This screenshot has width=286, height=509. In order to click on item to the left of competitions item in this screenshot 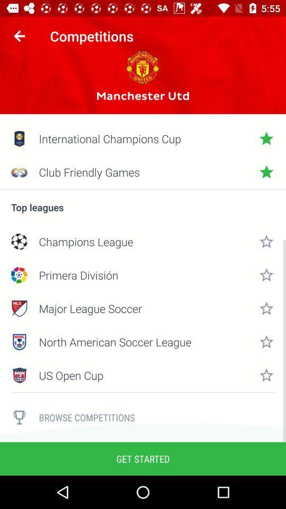, I will do `click(19, 36)`.